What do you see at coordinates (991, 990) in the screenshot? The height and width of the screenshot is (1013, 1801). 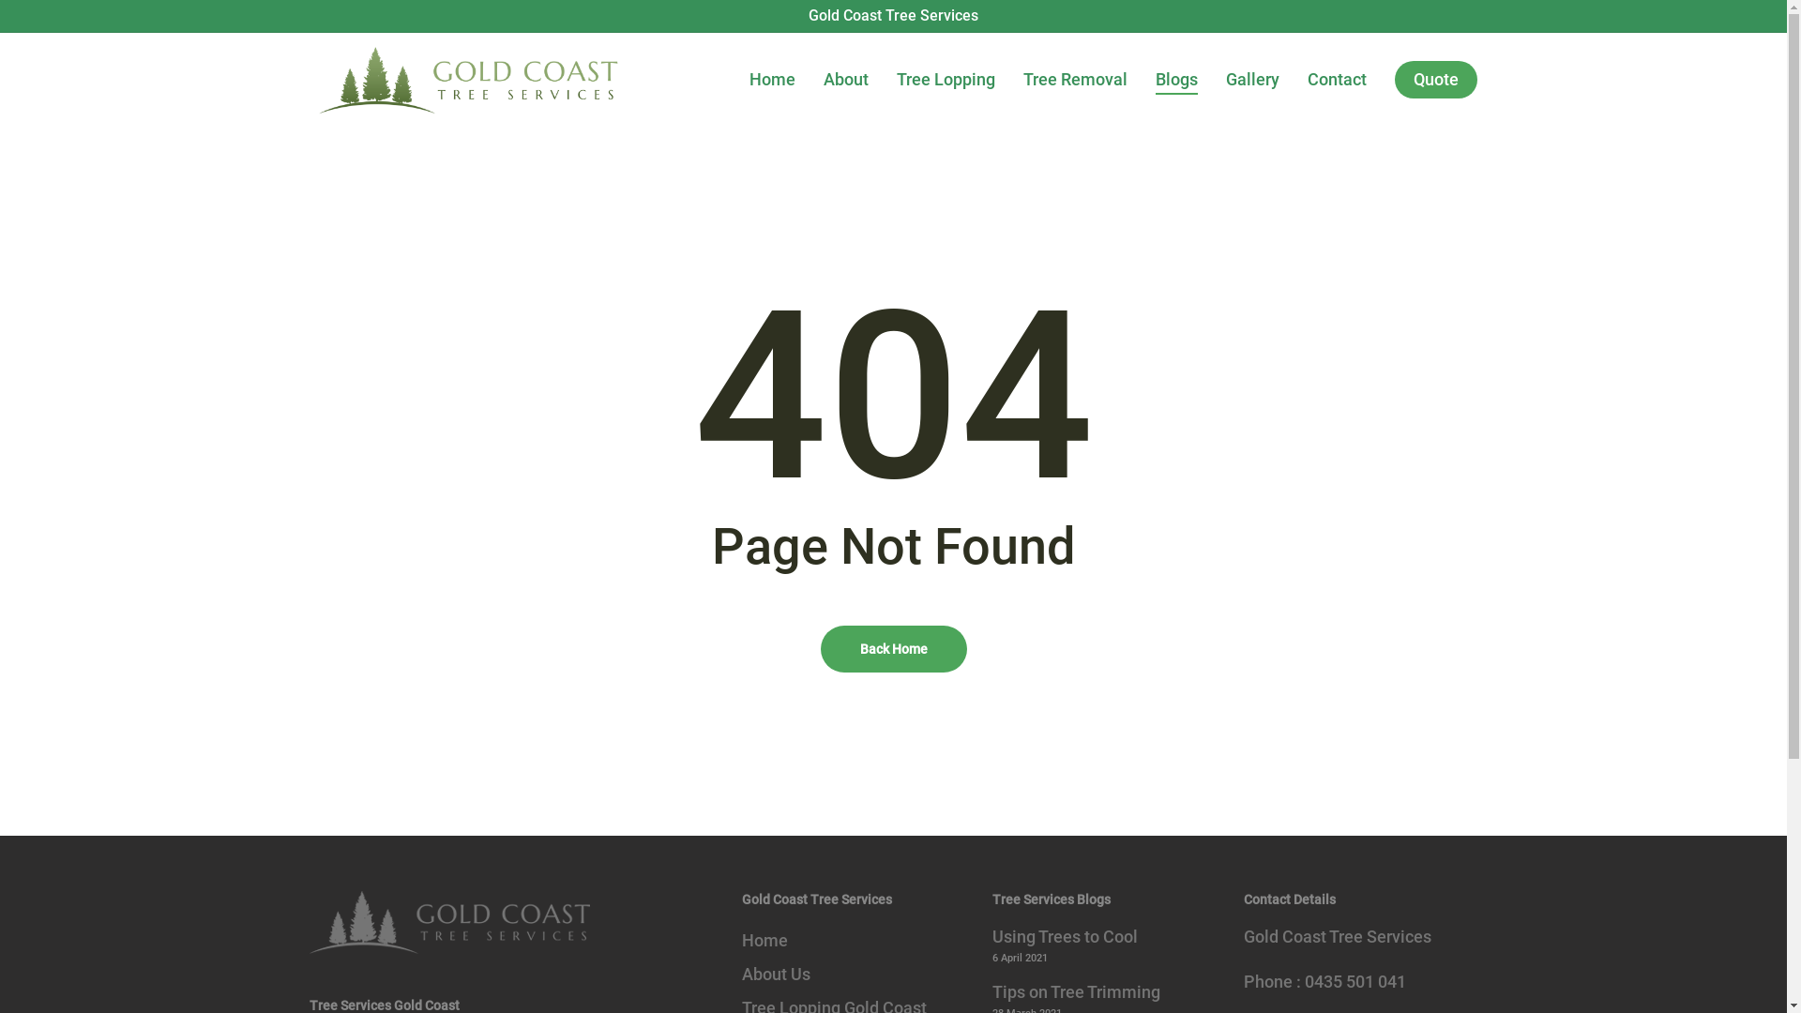 I see `'Tips on Tree Trimming'` at bounding box center [991, 990].